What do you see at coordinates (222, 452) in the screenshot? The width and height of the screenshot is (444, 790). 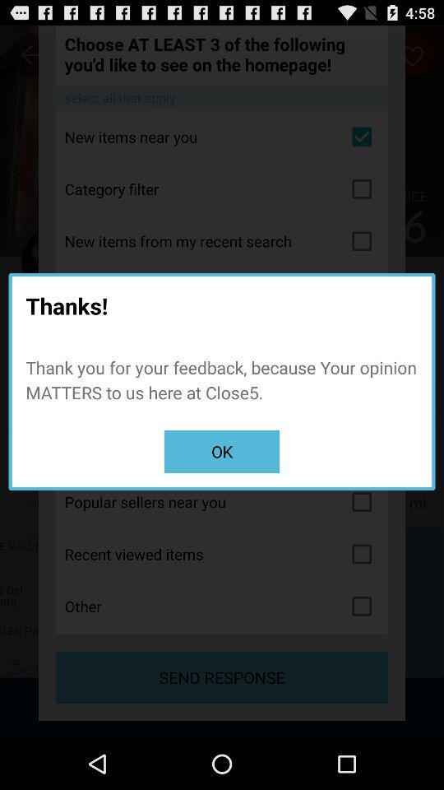 I see `the ok` at bounding box center [222, 452].